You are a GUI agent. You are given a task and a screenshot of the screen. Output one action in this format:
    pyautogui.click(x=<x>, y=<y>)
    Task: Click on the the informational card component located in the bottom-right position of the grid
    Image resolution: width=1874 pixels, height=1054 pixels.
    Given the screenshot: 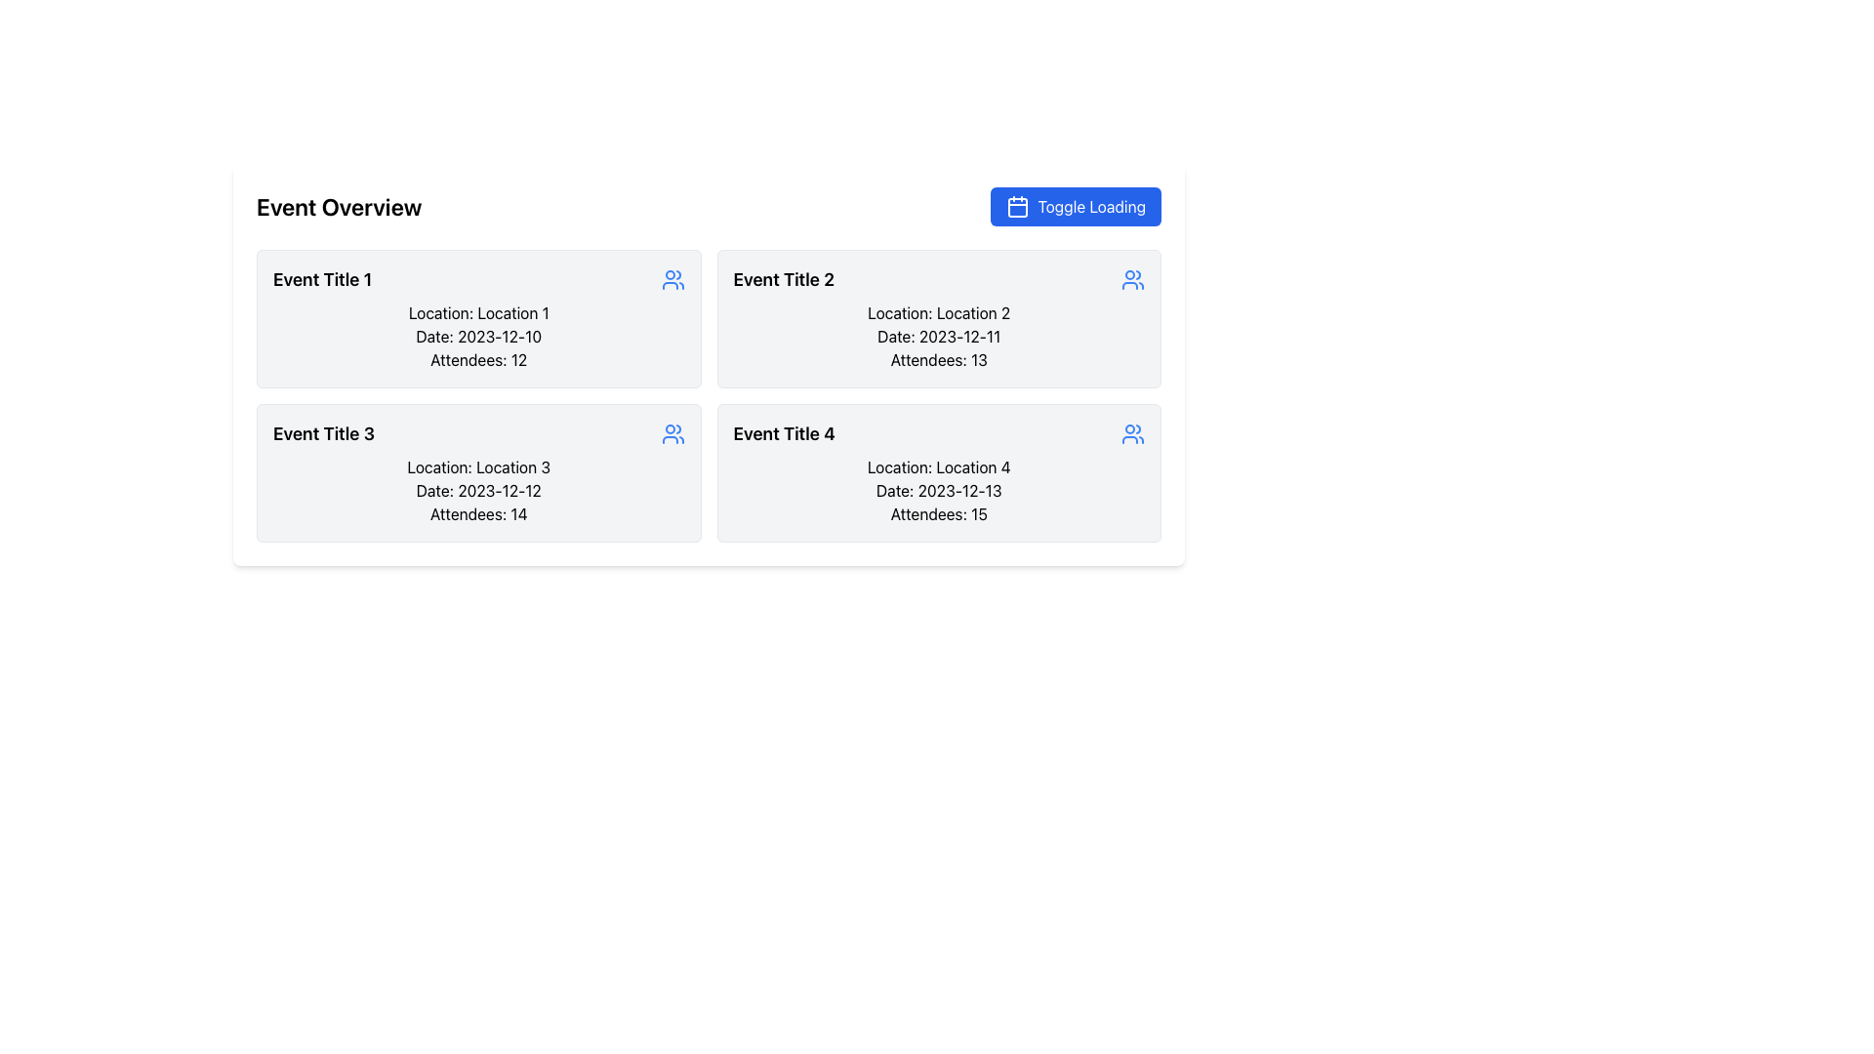 What is the action you would take?
    pyautogui.click(x=939, y=473)
    